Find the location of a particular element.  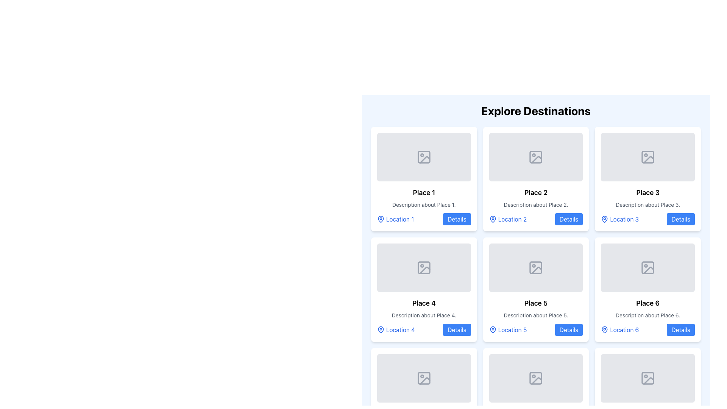

the placeholder image icon located in the upper central section of the card labeled 'Place 5', which features a light gray background and a circular detail to the left with a diagonal line across is located at coordinates (535, 267).